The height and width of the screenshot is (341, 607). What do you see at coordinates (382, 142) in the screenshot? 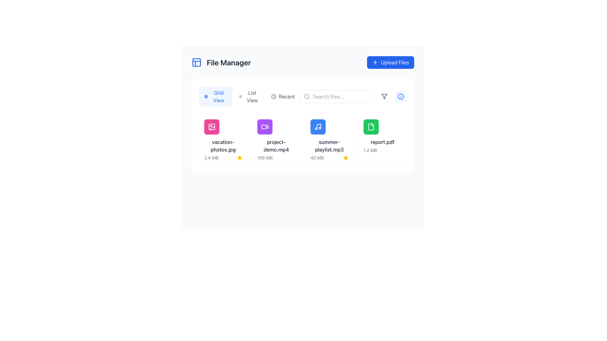
I see `the static text label that identifies a file object within the file manager interface, located above the file size text '1.2 MB'` at bounding box center [382, 142].